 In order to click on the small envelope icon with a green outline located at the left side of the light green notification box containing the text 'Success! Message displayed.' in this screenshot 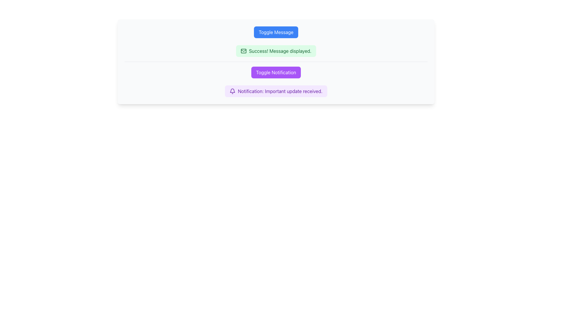, I will do `click(244, 50)`.